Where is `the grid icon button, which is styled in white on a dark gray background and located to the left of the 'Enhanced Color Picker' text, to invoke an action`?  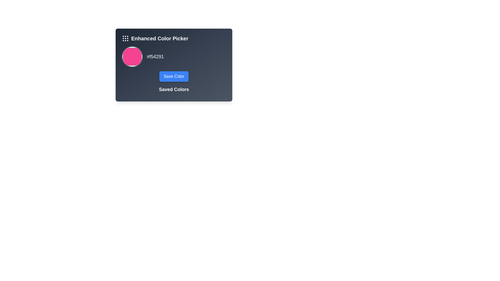 the grid icon button, which is styled in white on a dark gray background and located to the left of the 'Enhanced Color Picker' text, to invoke an action is located at coordinates (125, 38).